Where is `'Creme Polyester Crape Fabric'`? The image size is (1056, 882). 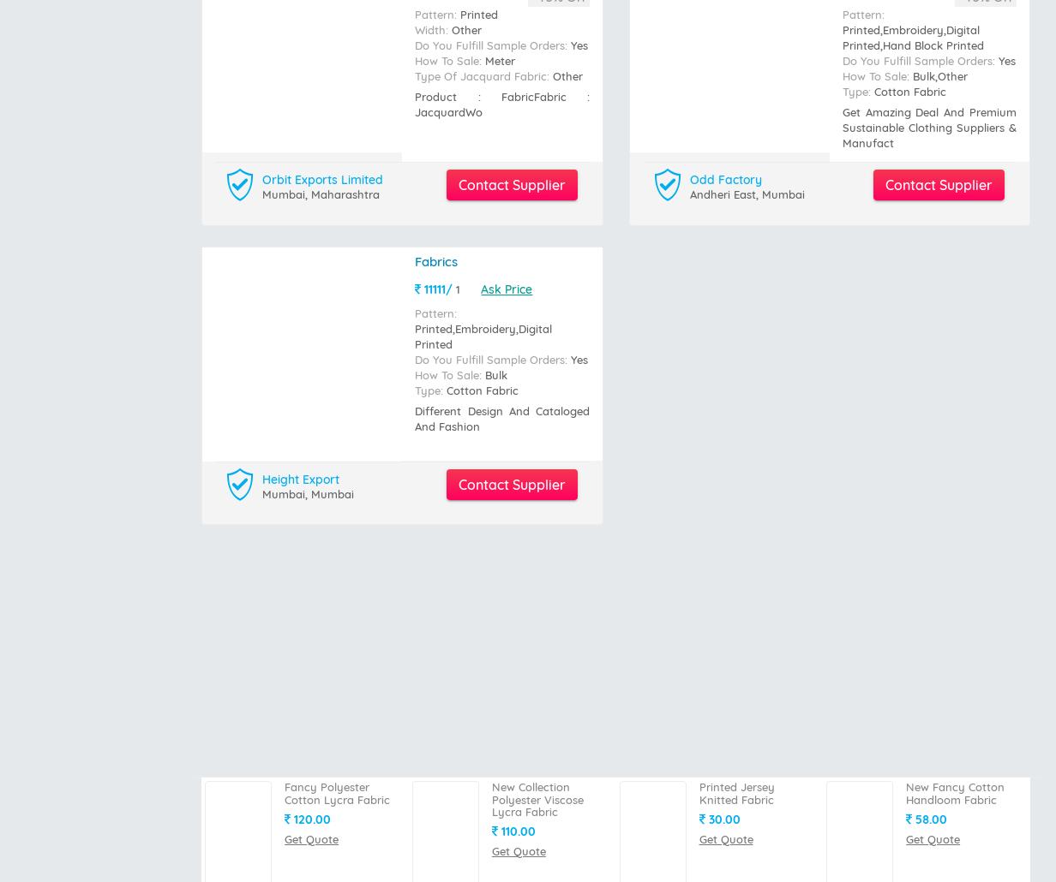
'Creme Polyester Crape Fabric' is located at coordinates (906, 415).